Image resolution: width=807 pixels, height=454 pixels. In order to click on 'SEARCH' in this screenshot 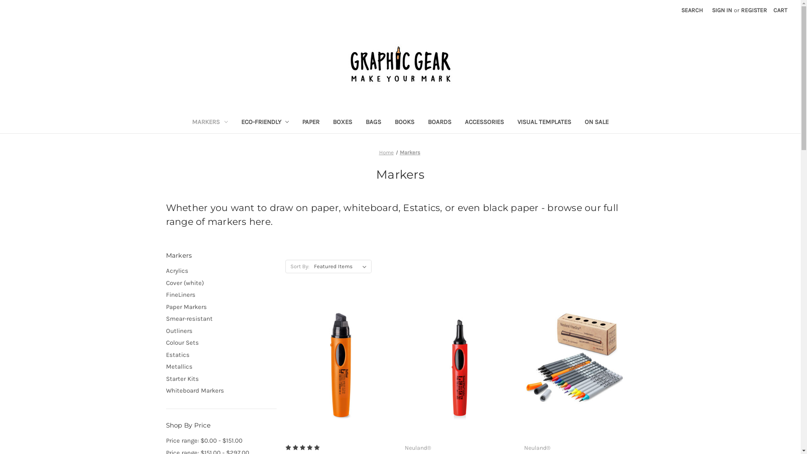, I will do `click(692, 10)`.